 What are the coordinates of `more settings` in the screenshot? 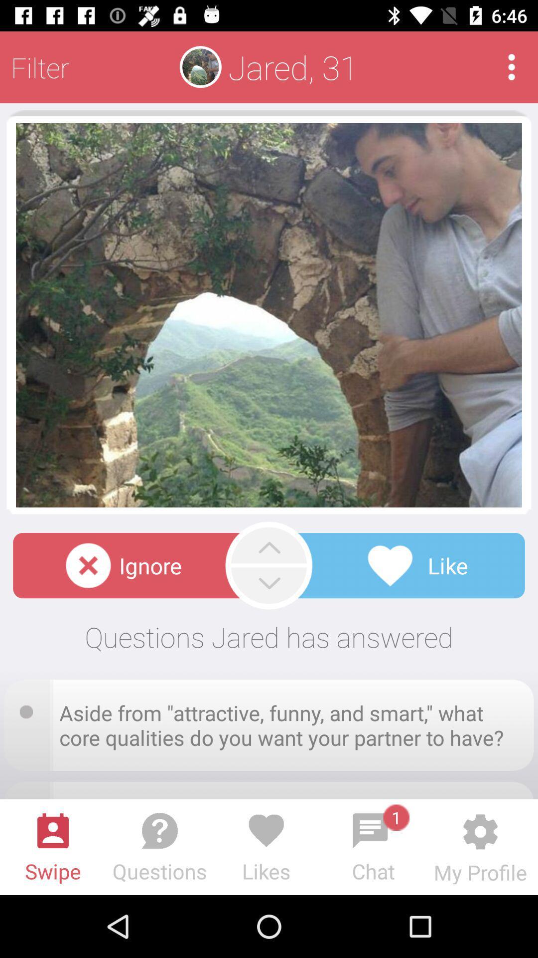 It's located at (512, 66).